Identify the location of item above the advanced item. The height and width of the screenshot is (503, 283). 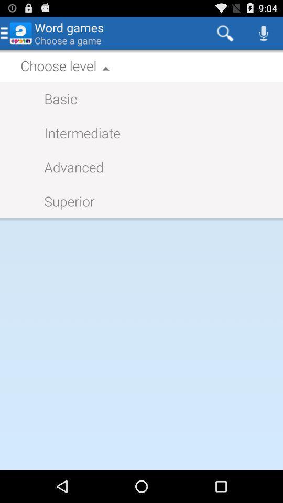
(77, 132).